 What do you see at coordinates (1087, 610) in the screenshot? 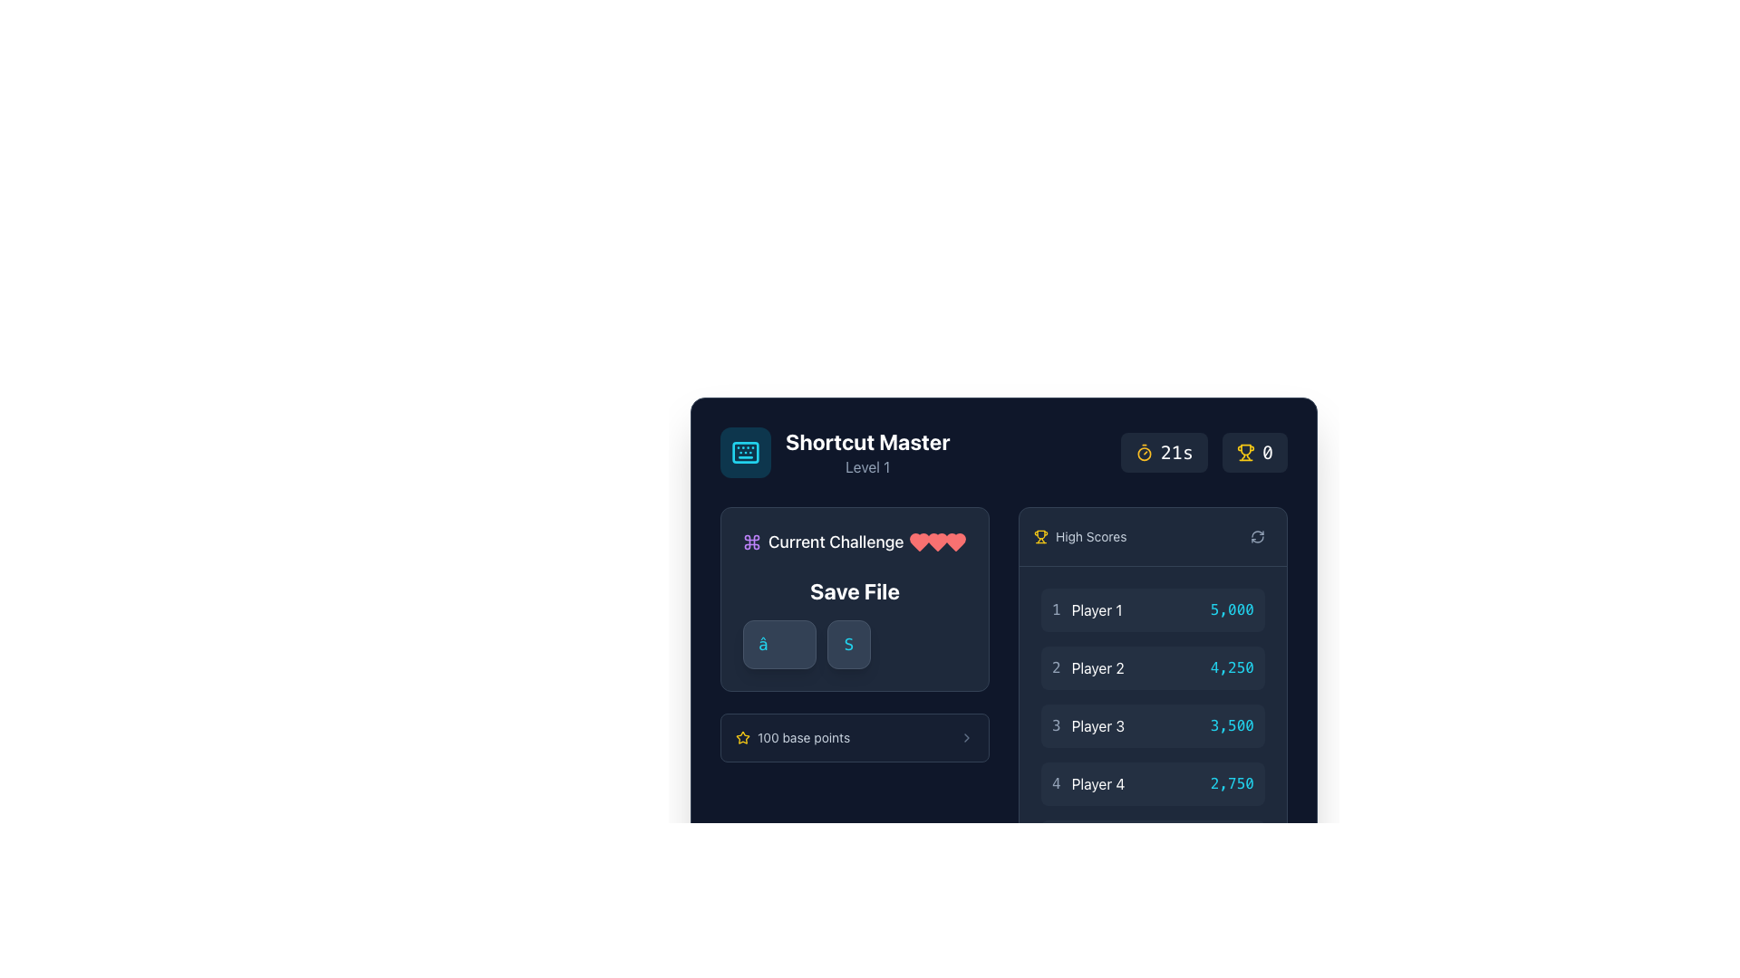
I see `the first player's label in the leaderboard located under the 'High Scores' section on the right side of the interface` at bounding box center [1087, 610].